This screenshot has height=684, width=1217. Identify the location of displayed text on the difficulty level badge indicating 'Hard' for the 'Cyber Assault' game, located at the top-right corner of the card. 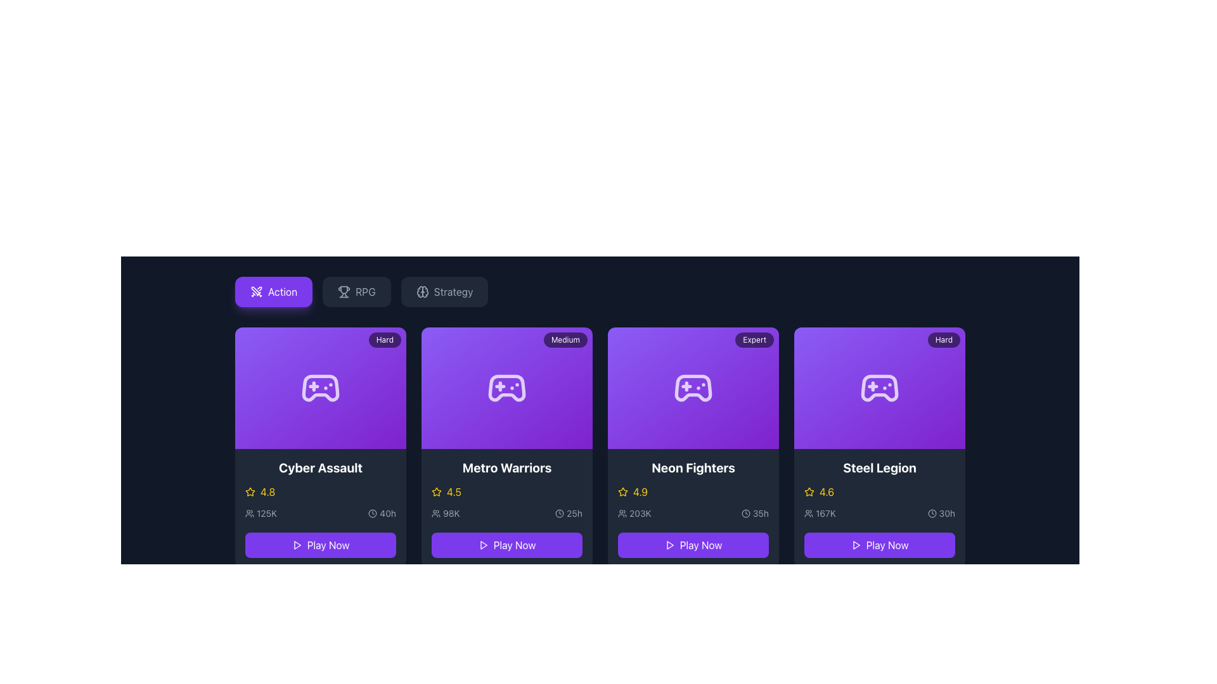
(384, 339).